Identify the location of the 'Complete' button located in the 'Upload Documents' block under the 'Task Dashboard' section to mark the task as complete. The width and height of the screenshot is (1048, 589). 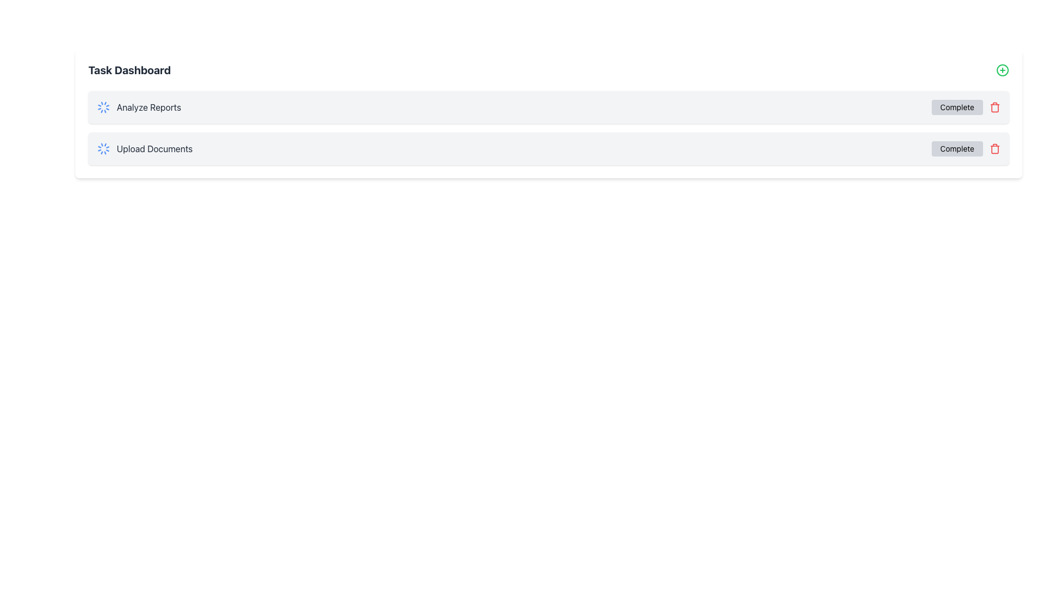
(966, 149).